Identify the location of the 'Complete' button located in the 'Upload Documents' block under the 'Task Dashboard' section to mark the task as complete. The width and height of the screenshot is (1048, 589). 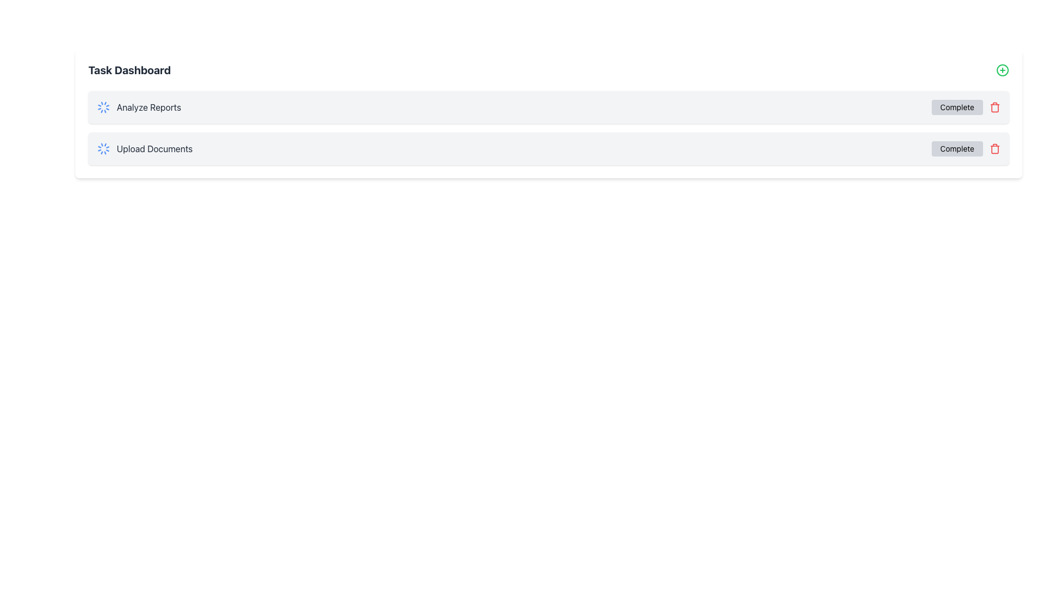
(966, 149).